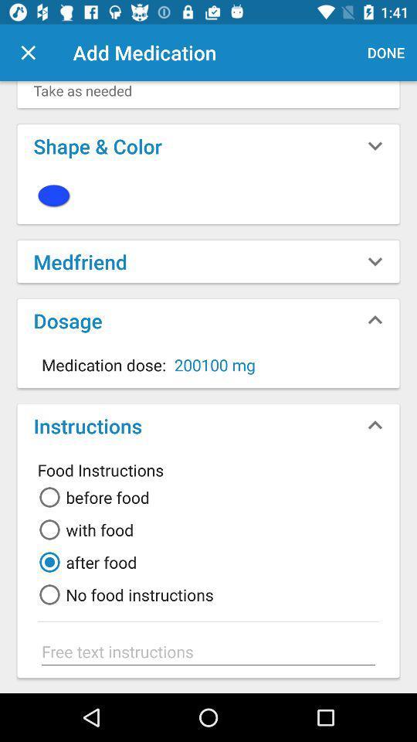 The image size is (417, 742). I want to click on after food item, so click(85, 561).